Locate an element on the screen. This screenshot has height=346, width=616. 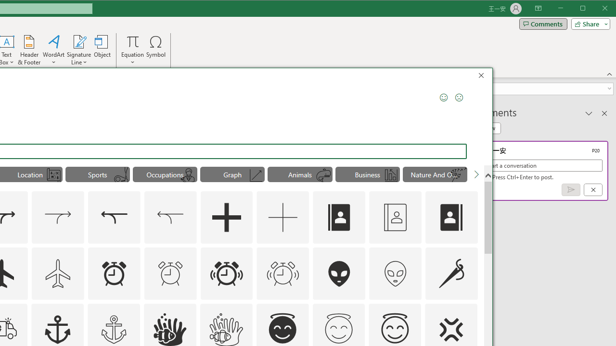
'AutomationID: Icons_Add' is located at coordinates (226, 217).